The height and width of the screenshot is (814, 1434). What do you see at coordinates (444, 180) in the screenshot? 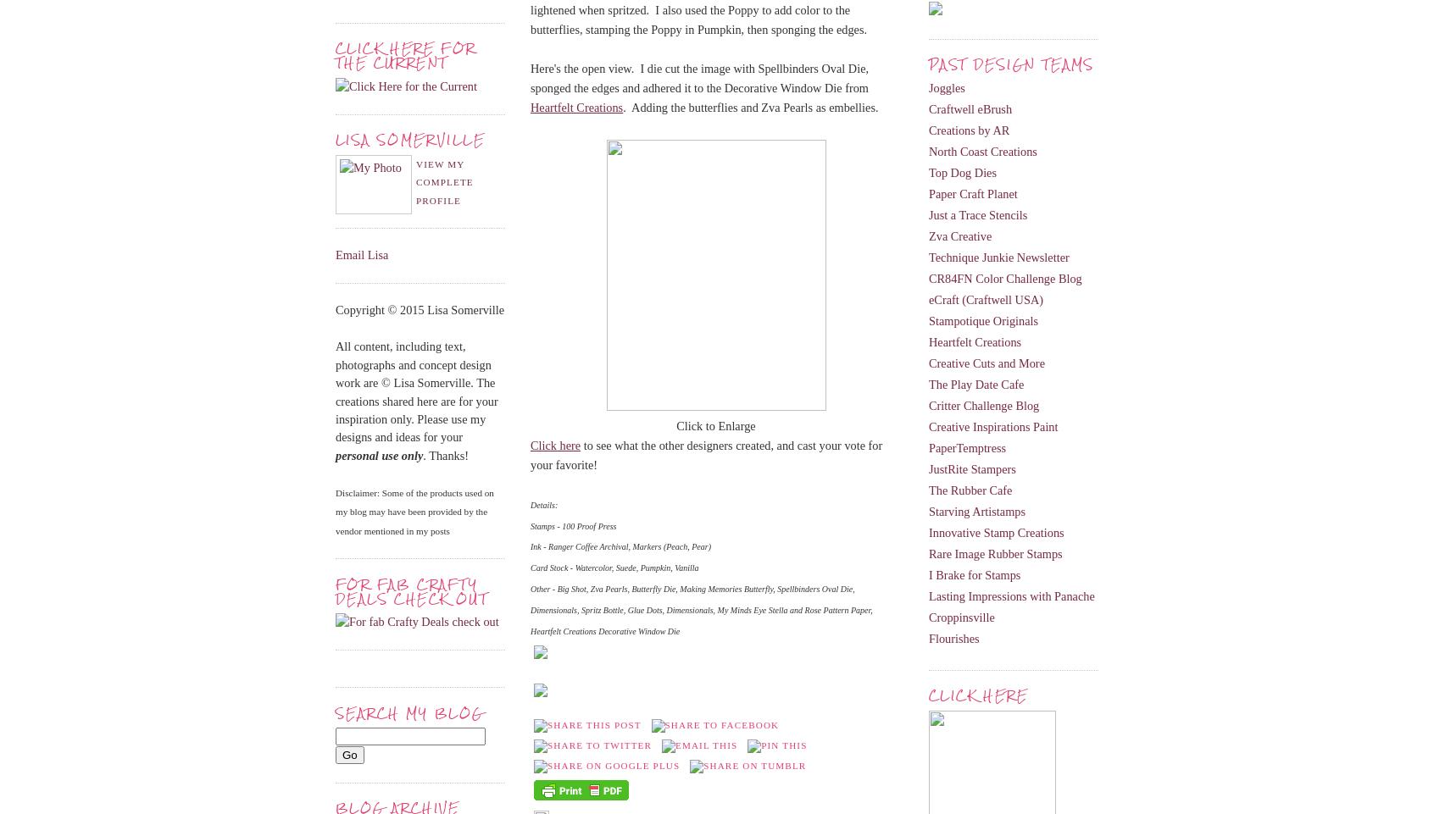
I see `'View my complete profile'` at bounding box center [444, 180].